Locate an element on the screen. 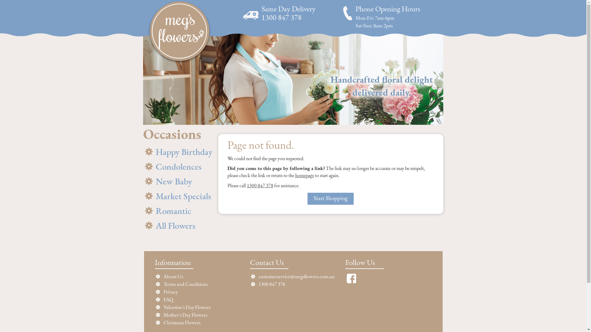 This screenshot has height=332, width=591. 'Terms and Conditions' is located at coordinates (163, 284).